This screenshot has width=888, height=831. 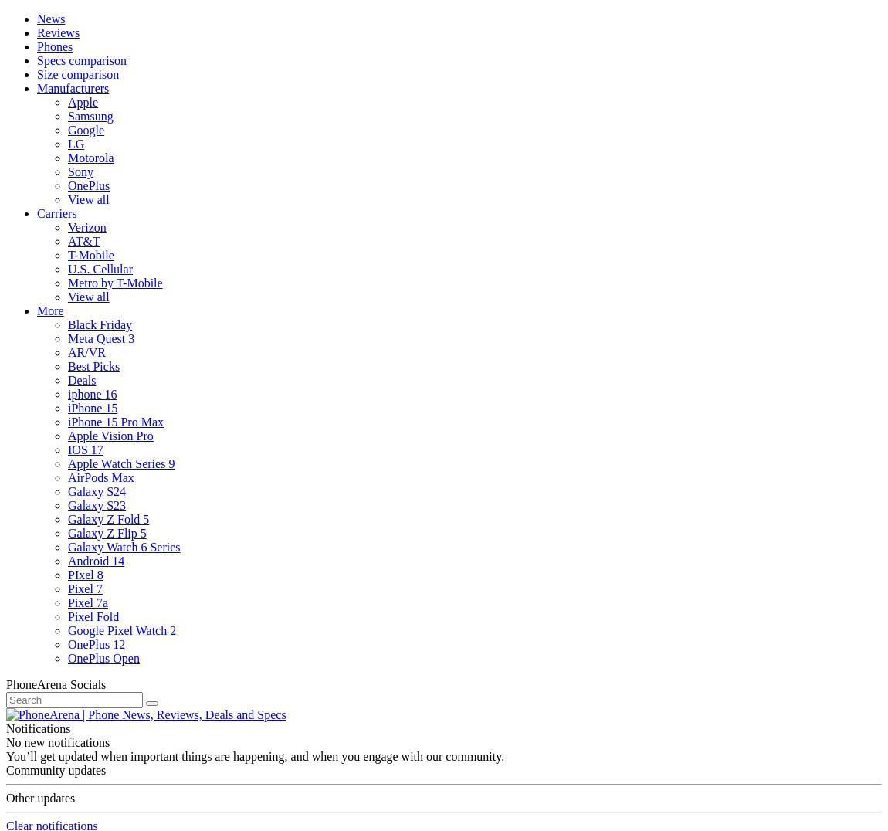 What do you see at coordinates (89, 116) in the screenshot?
I see `'Samsung'` at bounding box center [89, 116].